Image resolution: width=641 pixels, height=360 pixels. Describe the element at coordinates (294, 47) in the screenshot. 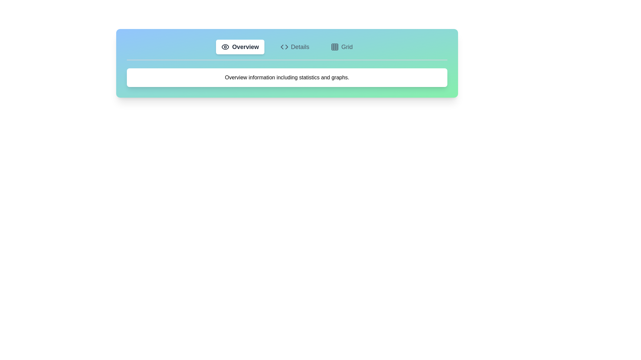

I see `the Details tab by clicking its button` at that location.